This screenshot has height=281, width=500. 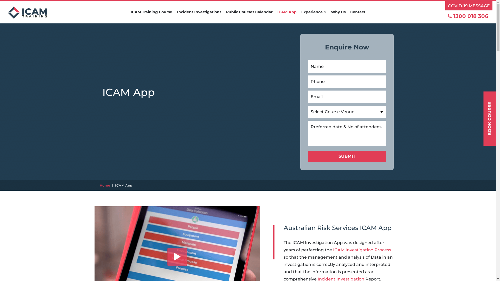 I want to click on 'Experience', so click(x=301, y=16).